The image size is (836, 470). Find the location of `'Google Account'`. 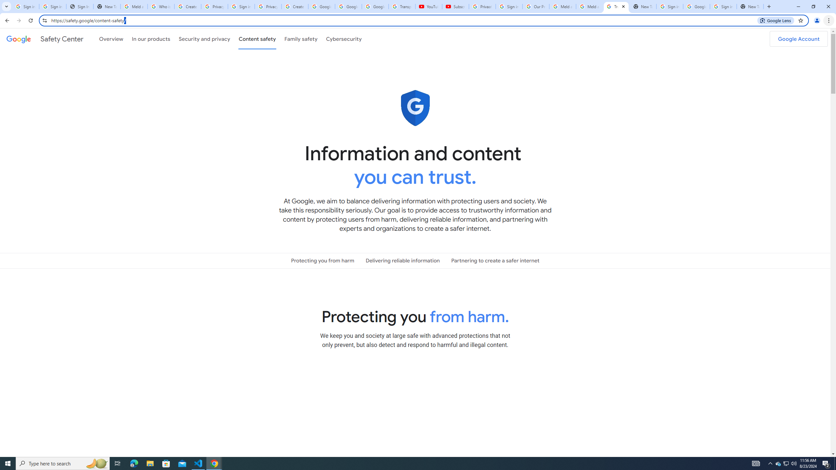

'Google Account' is located at coordinates (798, 39).